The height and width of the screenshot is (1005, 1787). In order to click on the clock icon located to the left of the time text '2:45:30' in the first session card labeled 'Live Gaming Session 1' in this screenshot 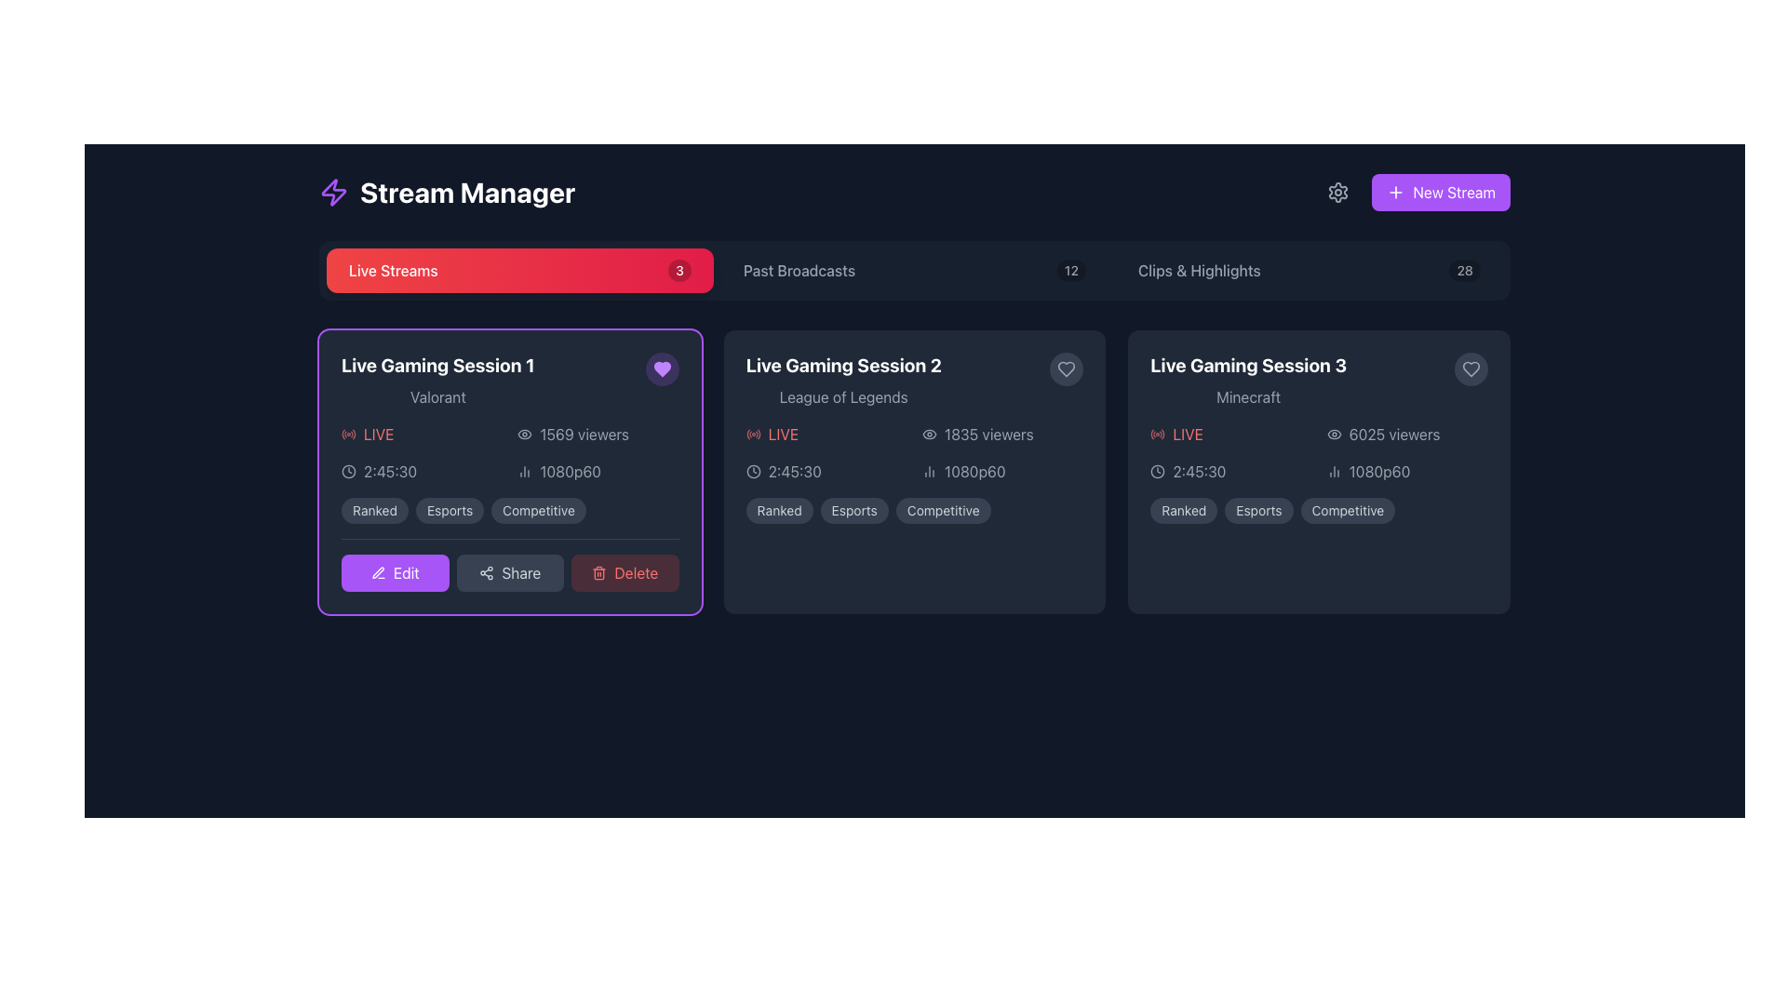, I will do `click(348, 470)`.